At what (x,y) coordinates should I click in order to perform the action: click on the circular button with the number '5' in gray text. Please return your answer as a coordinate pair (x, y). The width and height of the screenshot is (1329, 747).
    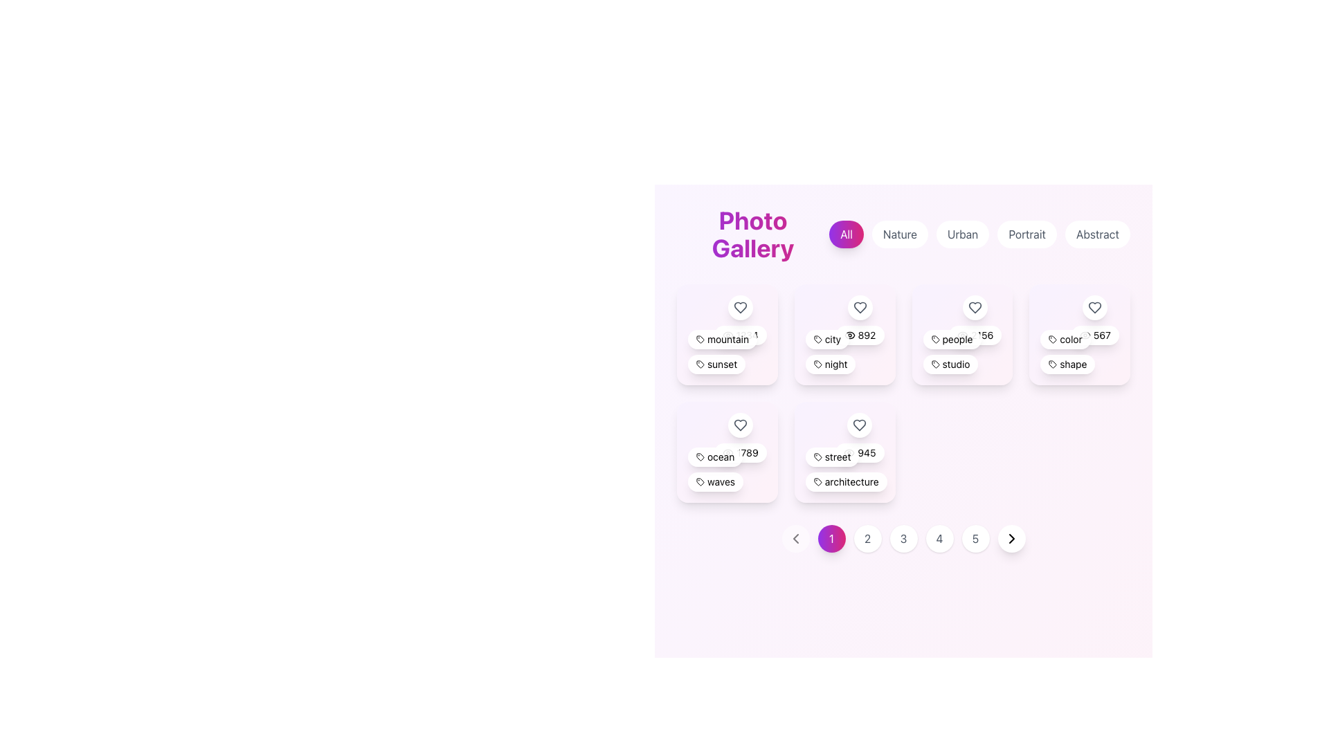
    Looking at the image, I should click on (975, 537).